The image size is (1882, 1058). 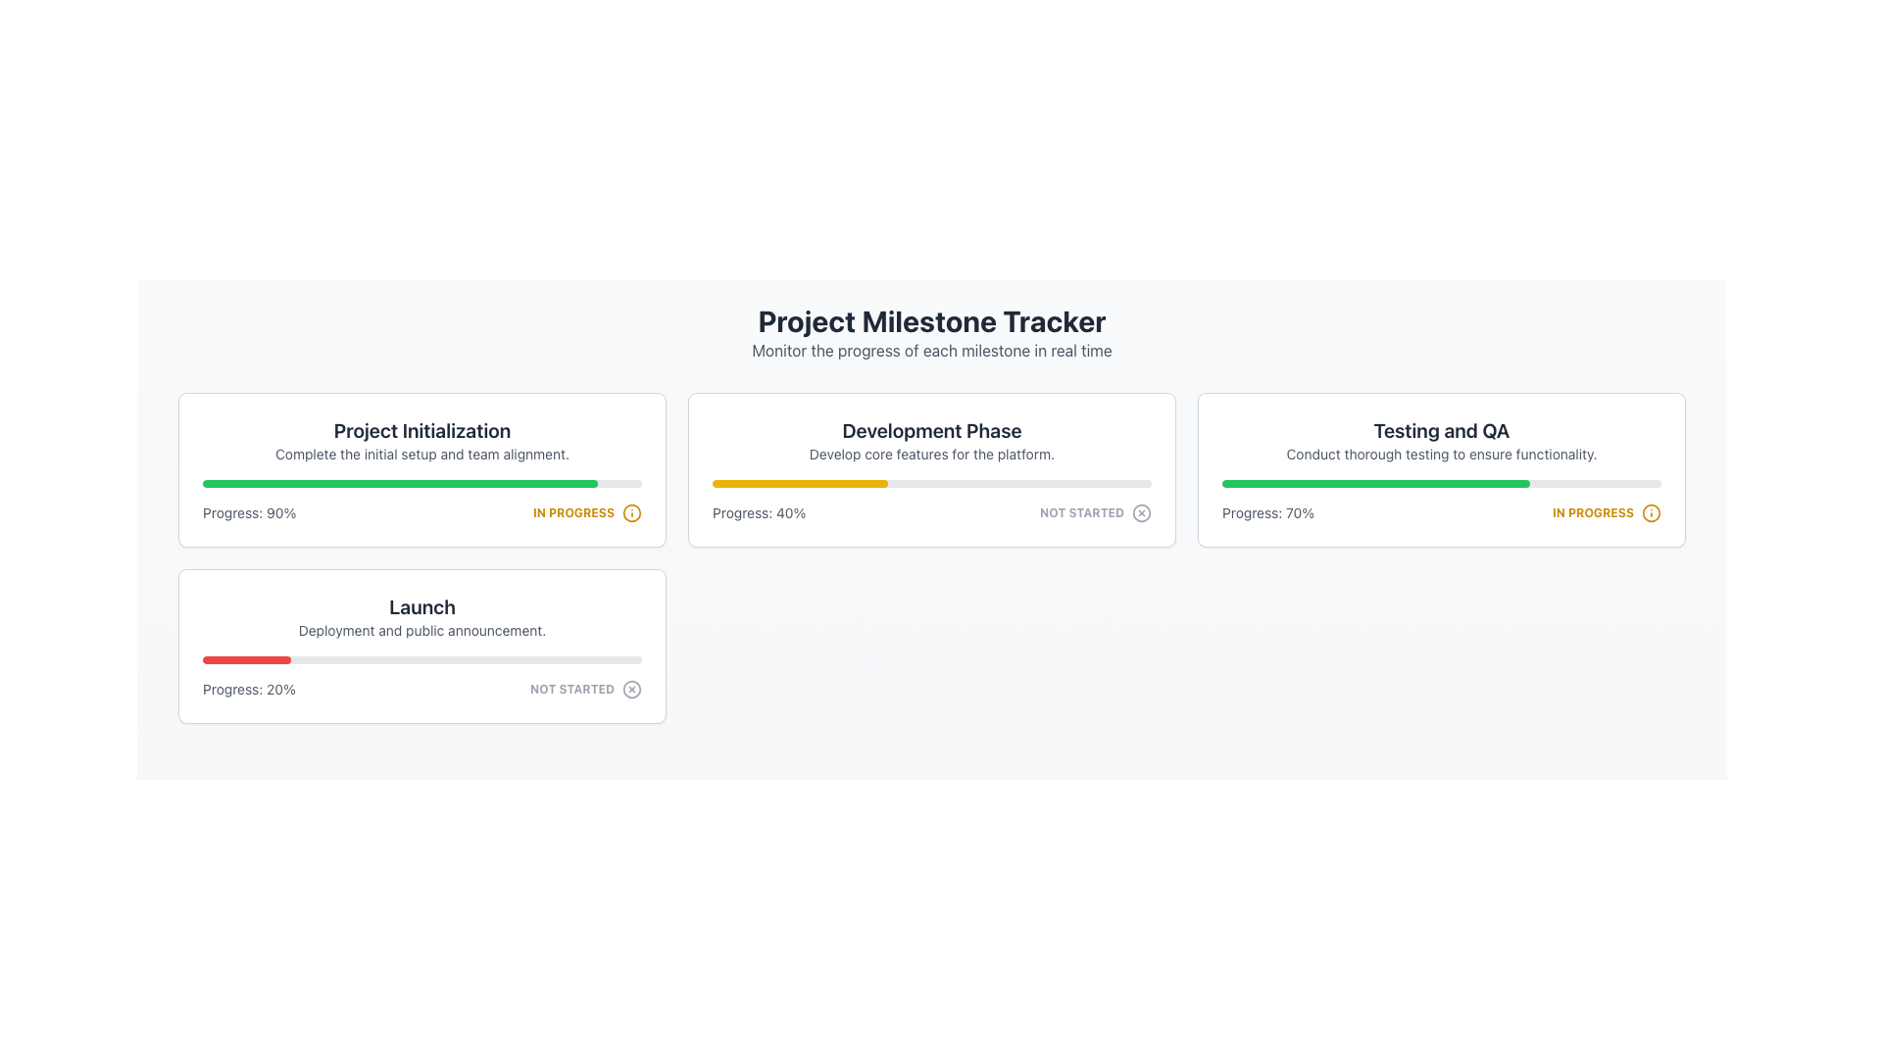 What do you see at coordinates (421, 429) in the screenshot?
I see `the title text label of the 'Project Initialization' module, located in the upper-left module of the main interface layout` at bounding box center [421, 429].